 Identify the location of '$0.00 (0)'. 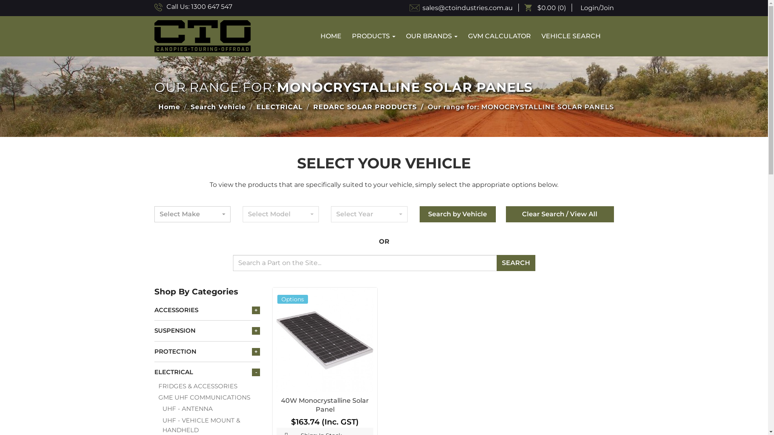
(547, 8).